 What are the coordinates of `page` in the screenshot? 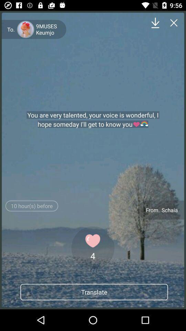 It's located at (174, 23).